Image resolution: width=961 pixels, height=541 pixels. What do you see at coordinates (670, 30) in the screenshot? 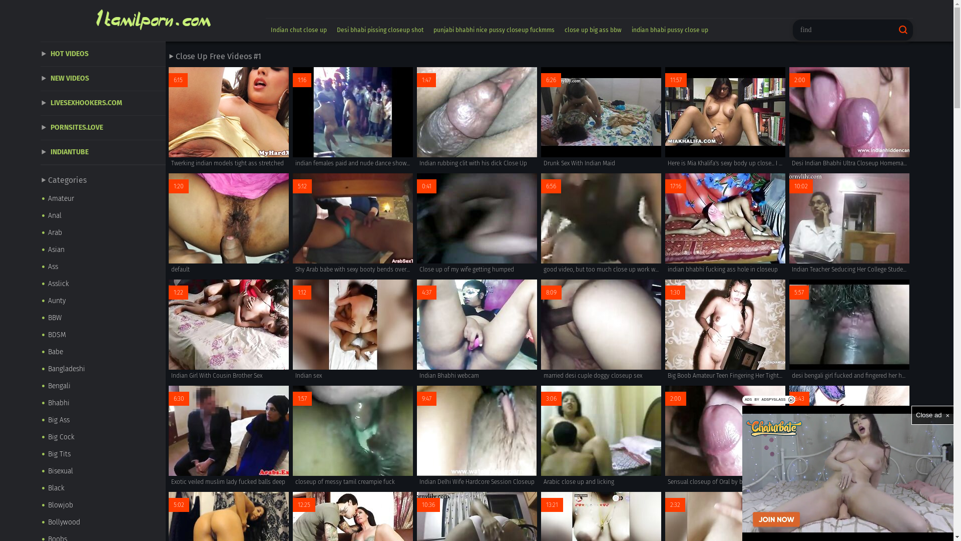
I see `'indian bhabi pussy close up'` at bounding box center [670, 30].